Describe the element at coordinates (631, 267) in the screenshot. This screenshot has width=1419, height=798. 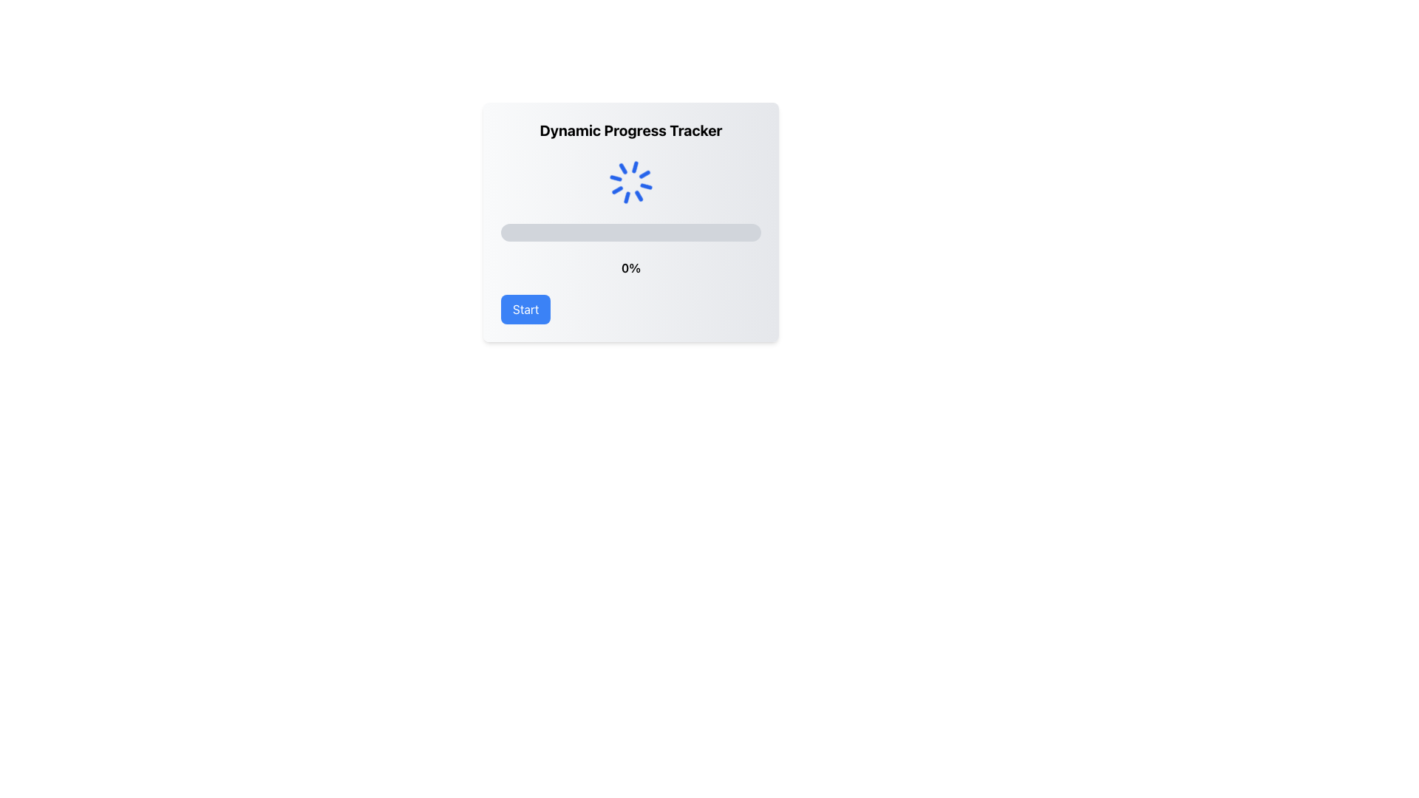
I see `the Static Text element displaying the current percentage of progress, located below the progress bar in the 'Dynamic Progress Tracker' UI component` at that location.